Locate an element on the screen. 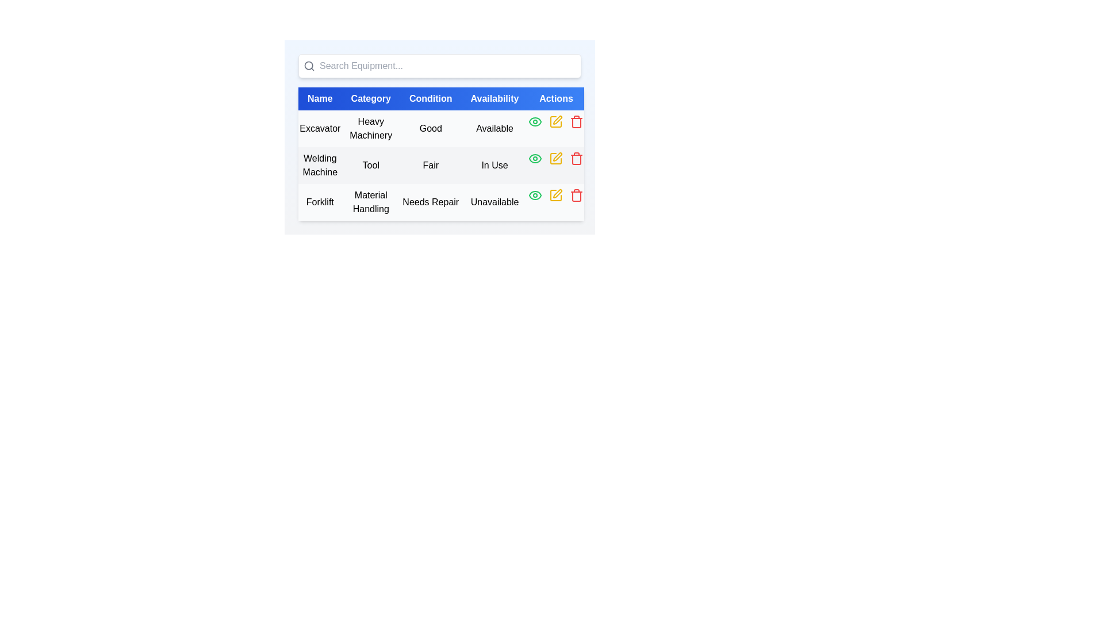  the yellow pencil icon in the 'Actions' column of the table row for 'Forklift' is located at coordinates (556, 194).